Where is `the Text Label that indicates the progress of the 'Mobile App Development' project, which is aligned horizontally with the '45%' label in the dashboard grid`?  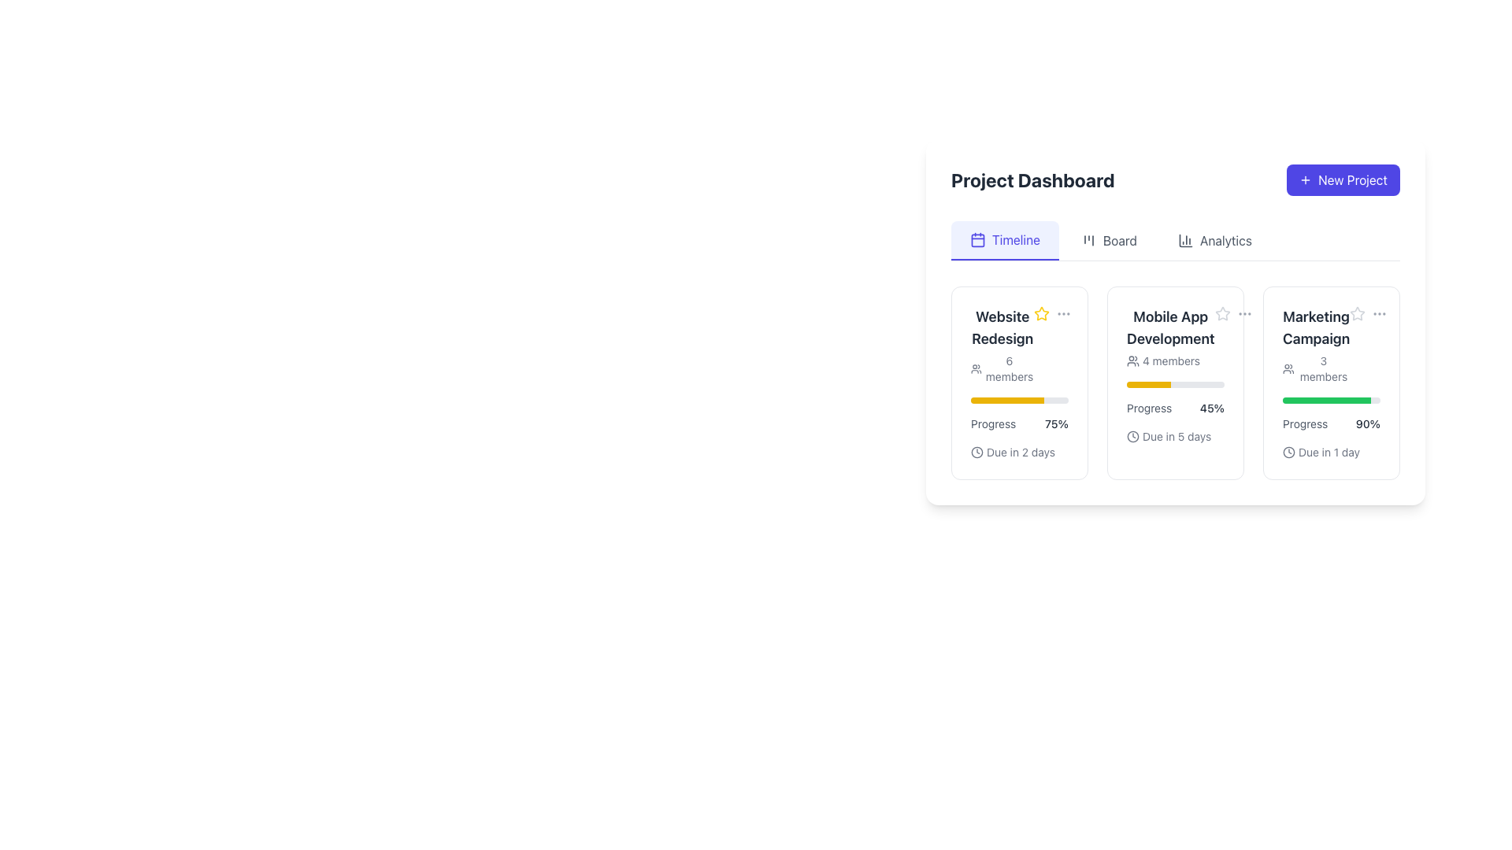 the Text Label that indicates the progress of the 'Mobile App Development' project, which is aligned horizontally with the '45%' label in the dashboard grid is located at coordinates (1149, 408).